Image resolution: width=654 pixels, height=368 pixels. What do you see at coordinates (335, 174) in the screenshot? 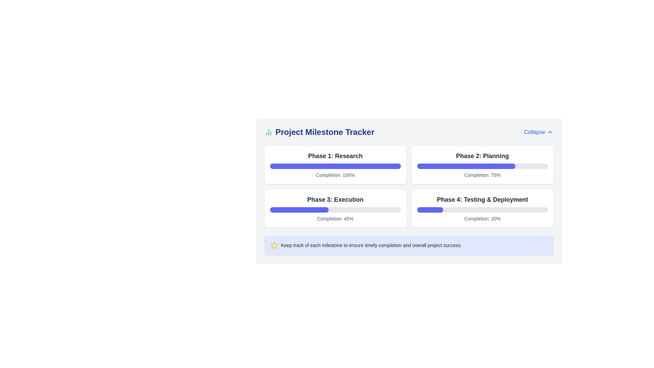
I see `the text element displaying 'Completion: 100%' which is located beneath the progress bar in the 'Phase 1: Research' card` at bounding box center [335, 174].